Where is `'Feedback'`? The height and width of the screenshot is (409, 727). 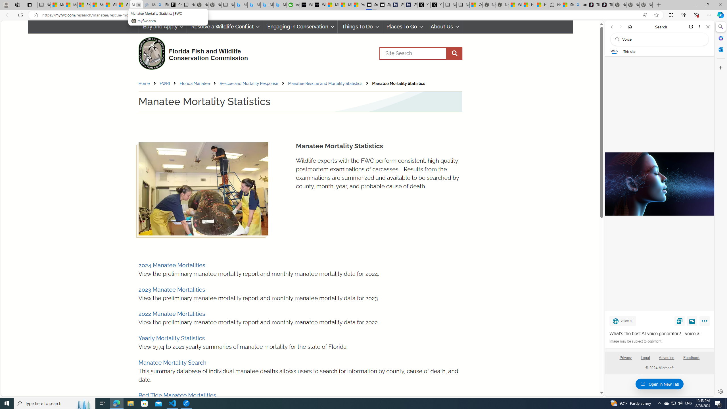
'Feedback' is located at coordinates (691, 360).